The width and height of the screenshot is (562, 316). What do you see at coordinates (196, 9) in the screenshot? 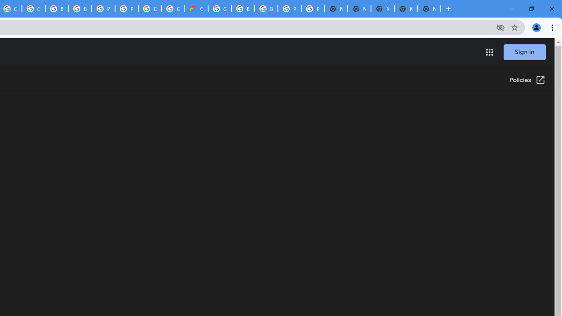
I see `'Google Cloud Estimate Summary'` at bounding box center [196, 9].